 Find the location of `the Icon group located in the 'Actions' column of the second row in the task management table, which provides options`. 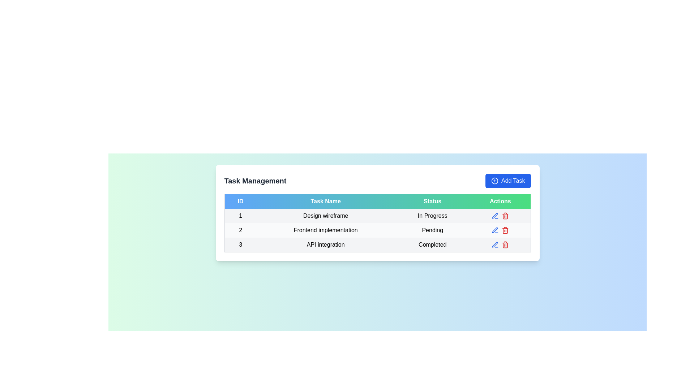

the Icon group located in the 'Actions' column of the second row in the task management table, which provides options is located at coordinates (500, 230).